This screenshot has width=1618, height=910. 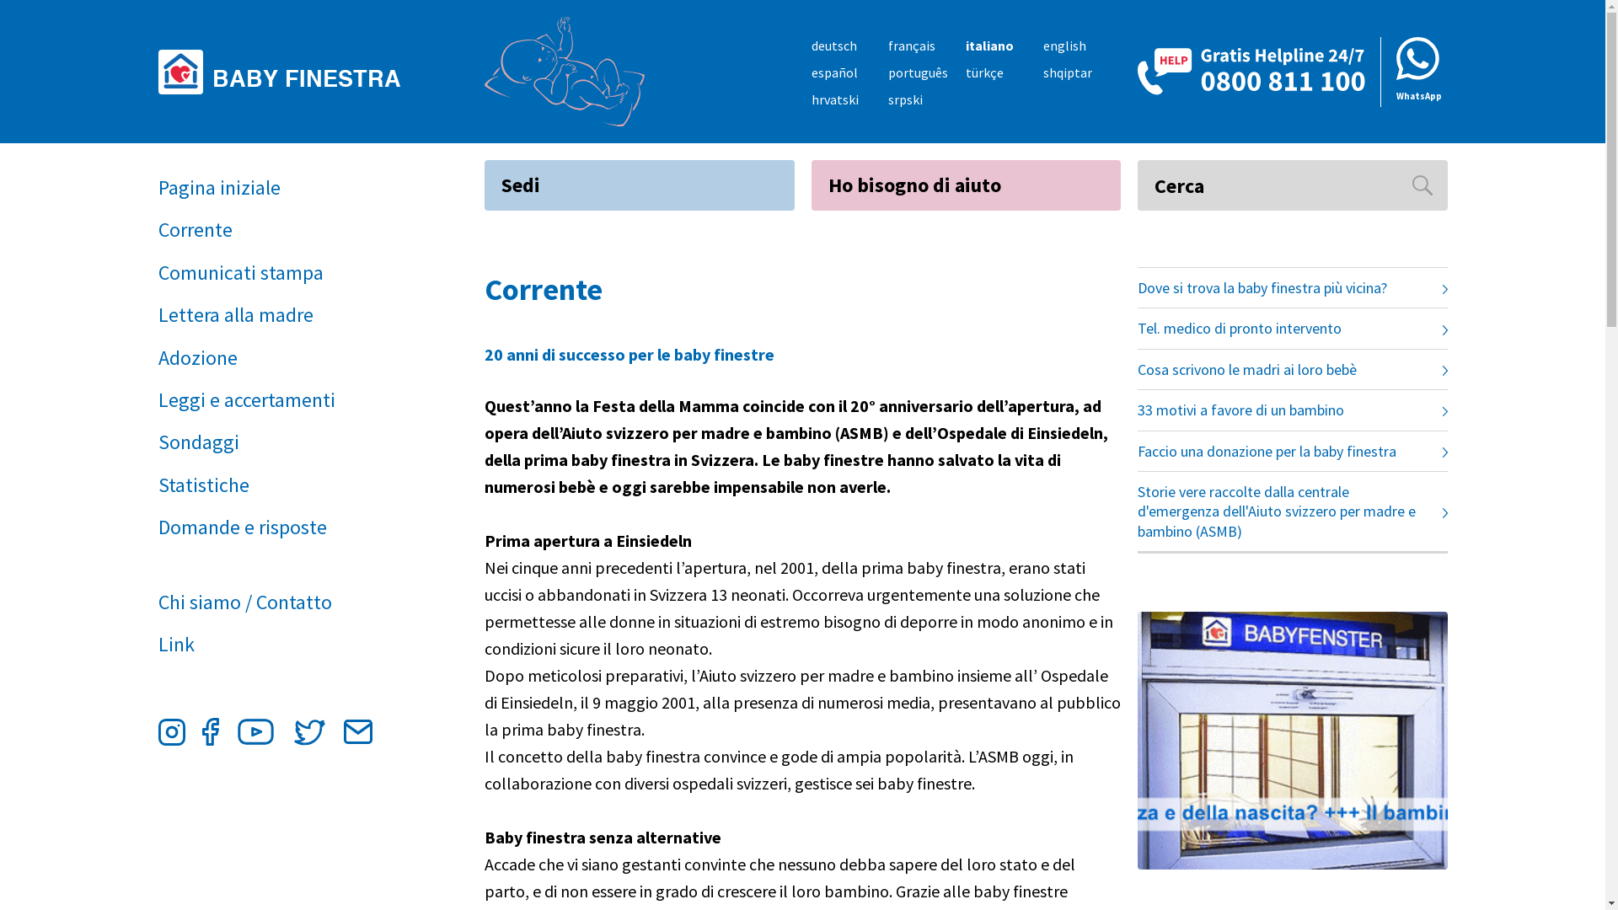 What do you see at coordinates (966, 45) in the screenshot?
I see `'italiano'` at bounding box center [966, 45].